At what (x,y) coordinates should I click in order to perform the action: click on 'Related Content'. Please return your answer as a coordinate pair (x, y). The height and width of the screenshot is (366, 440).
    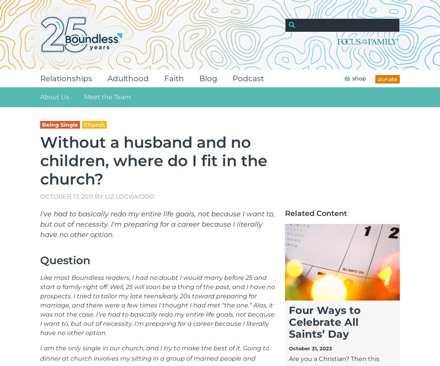
    Looking at the image, I should click on (315, 212).